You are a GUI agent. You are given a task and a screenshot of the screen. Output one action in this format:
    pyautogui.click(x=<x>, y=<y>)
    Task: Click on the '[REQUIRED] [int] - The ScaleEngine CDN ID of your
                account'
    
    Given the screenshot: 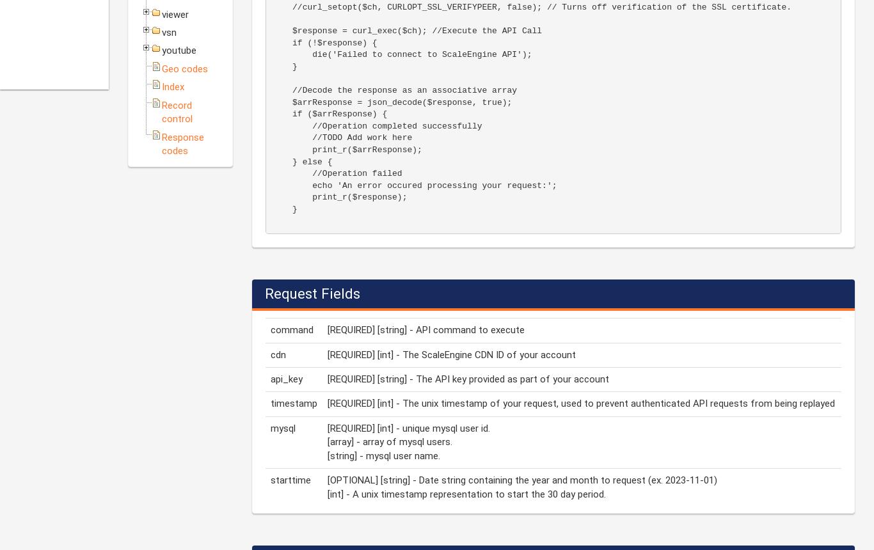 What is the action you would take?
    pyautogui.click(x=451, y=354)
    